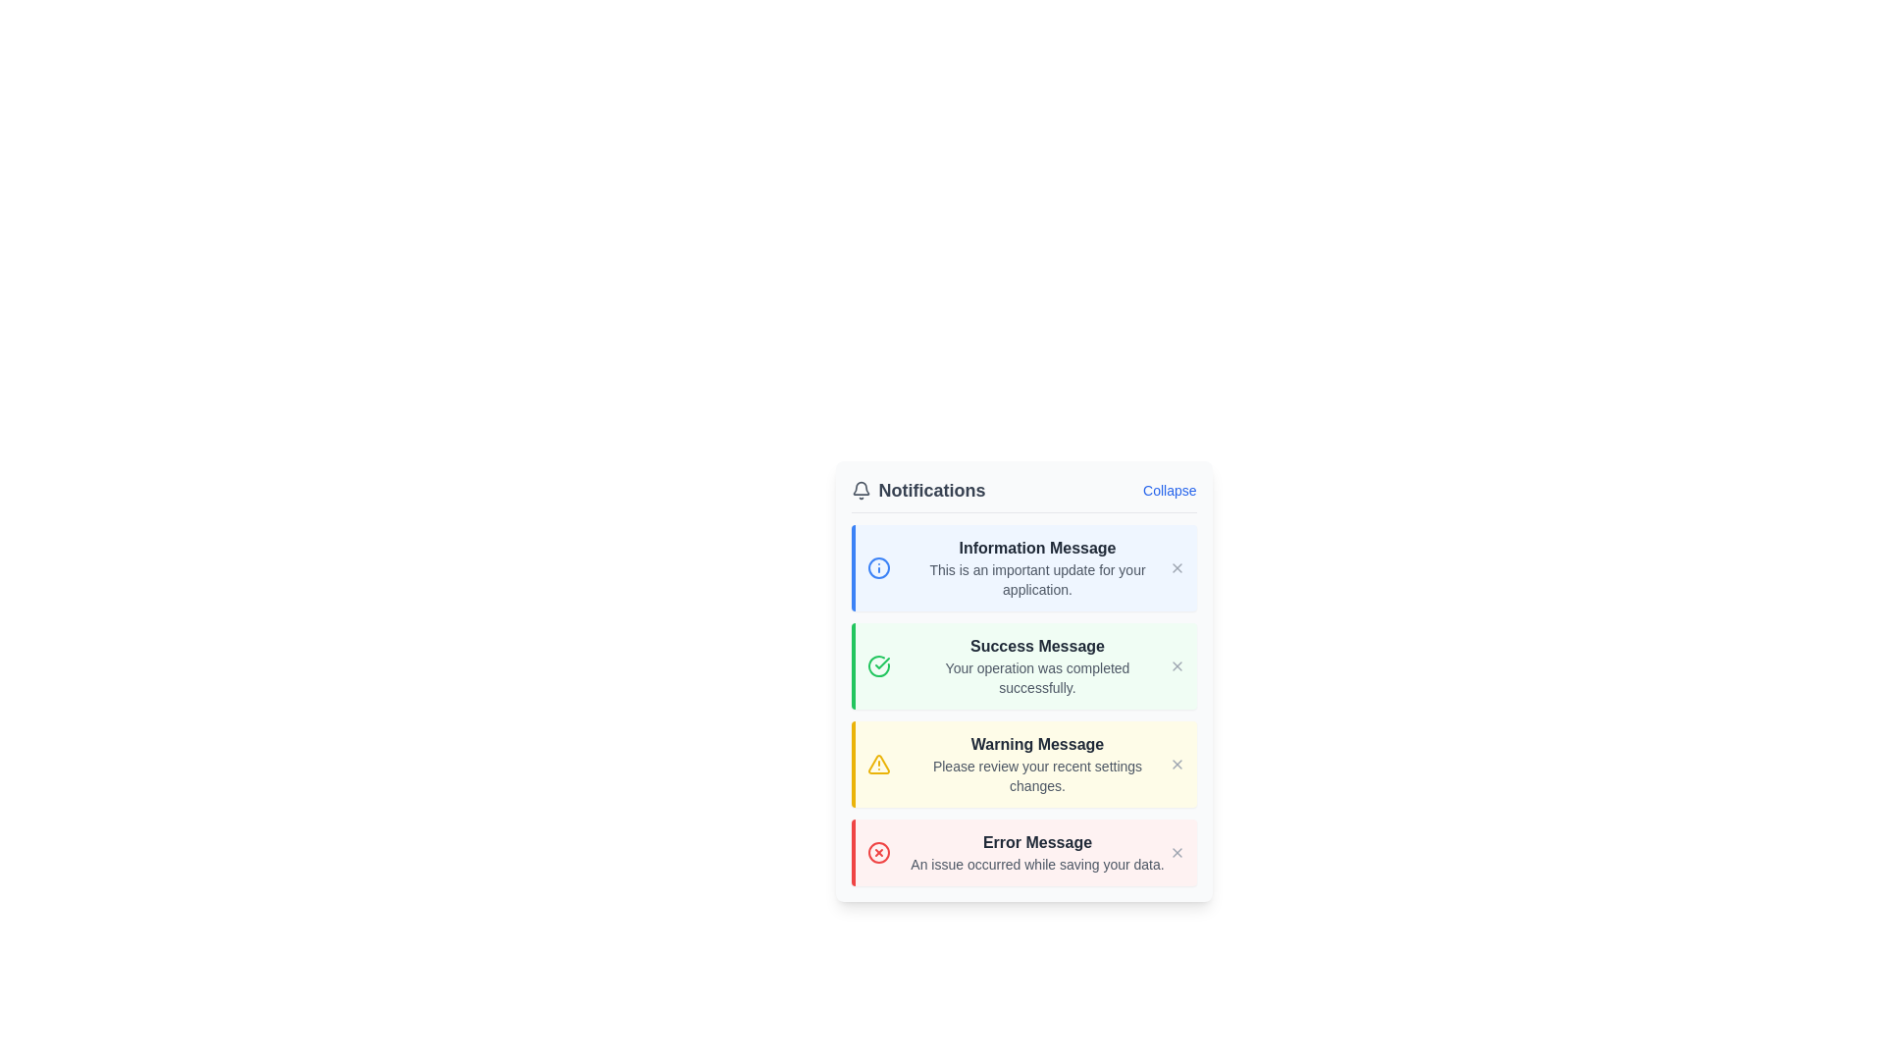 Image resolution: width=1884 pixels, height=1060 pixels. What do you see at coordinates (1036, 745) in the screenshot?
I see `warning title text from the first line of the third notification box, which is centered horizontally within the box` at bounding box center [1036, 745].